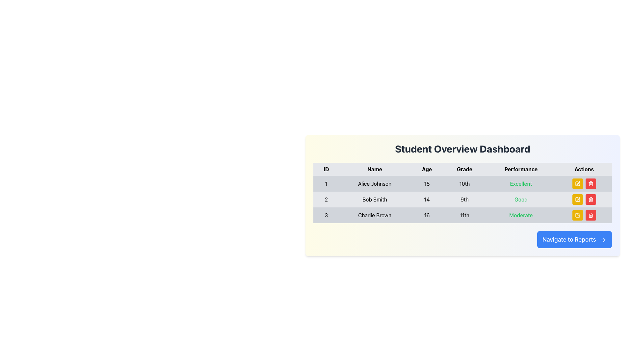 The image size is (632, 355). What do you see at coordinates (462, 215) in the screenshot?
I see `the third row in the 'Student Overview Dashboard' table that displays information about an individual student, including their ID, name, age, grade, and performance` at bounding box center [462, 215].